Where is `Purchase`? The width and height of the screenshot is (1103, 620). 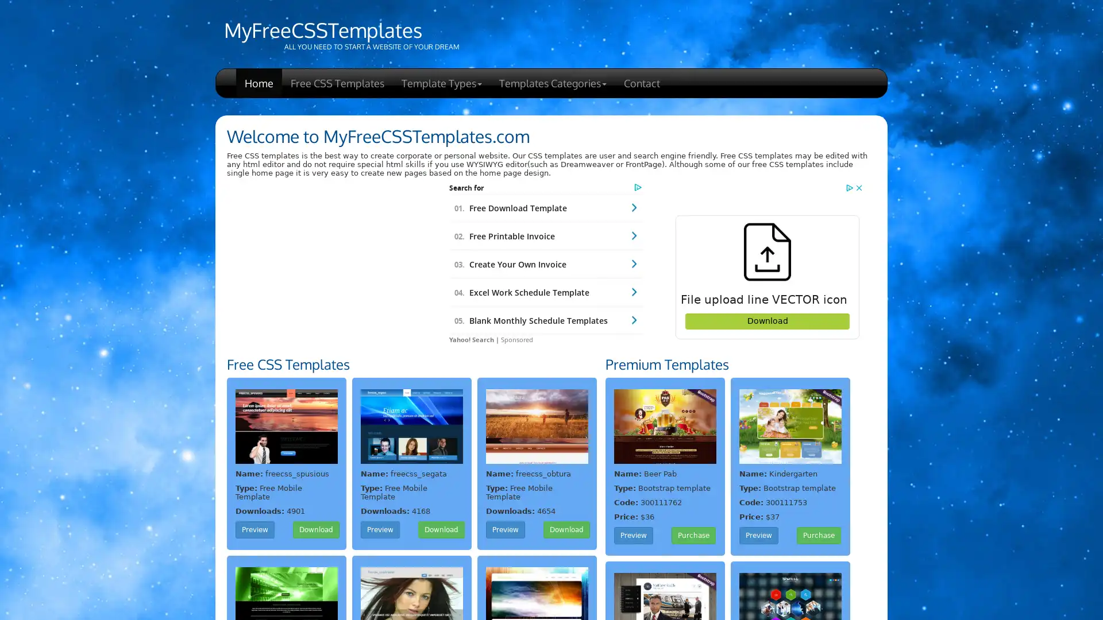 Purchase is located at coordinates (818, 536).